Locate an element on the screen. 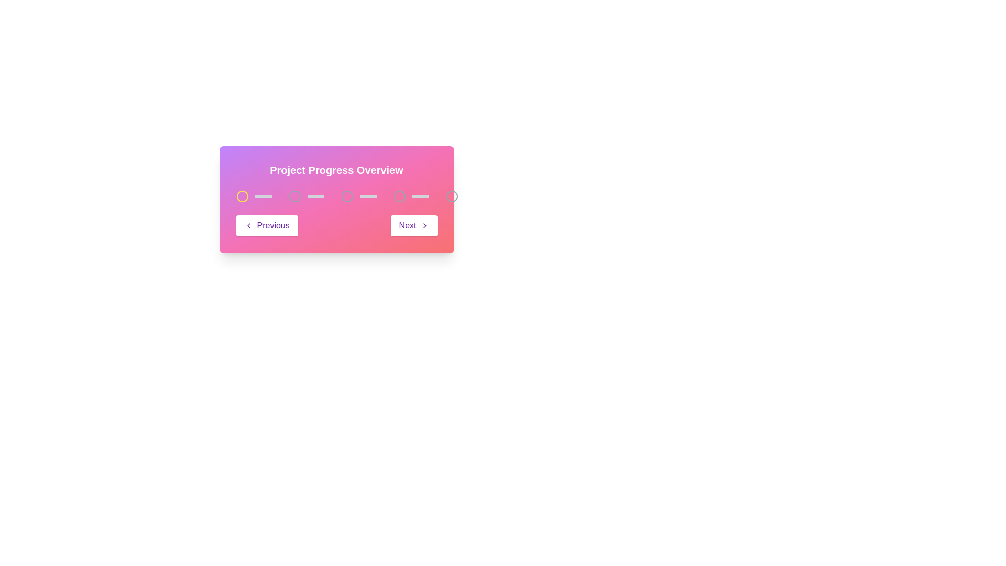 The width and height of the screenshot is (1006, 566). the fifth visual indicator (progress step) in the progress tracker, which is positioned towards the rightmost end of the layout group is located at coordinates (410, 196).